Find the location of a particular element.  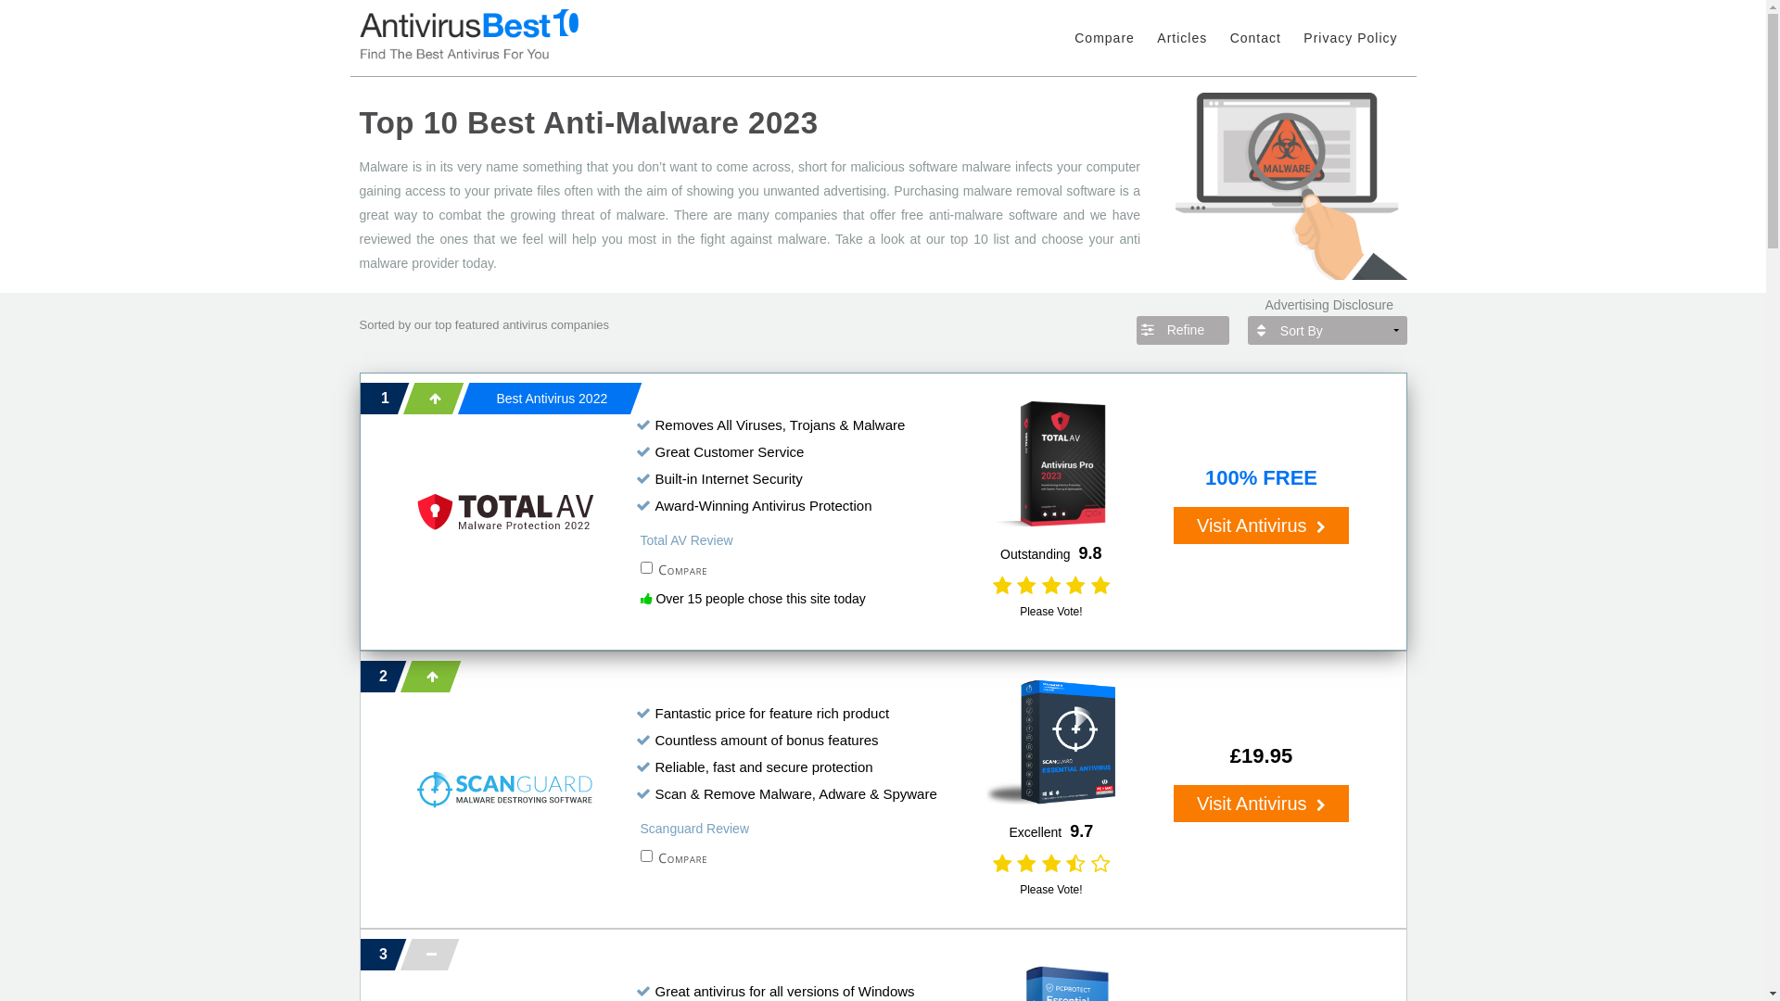

'Total AV Review' is located at coordinates (640, 540).